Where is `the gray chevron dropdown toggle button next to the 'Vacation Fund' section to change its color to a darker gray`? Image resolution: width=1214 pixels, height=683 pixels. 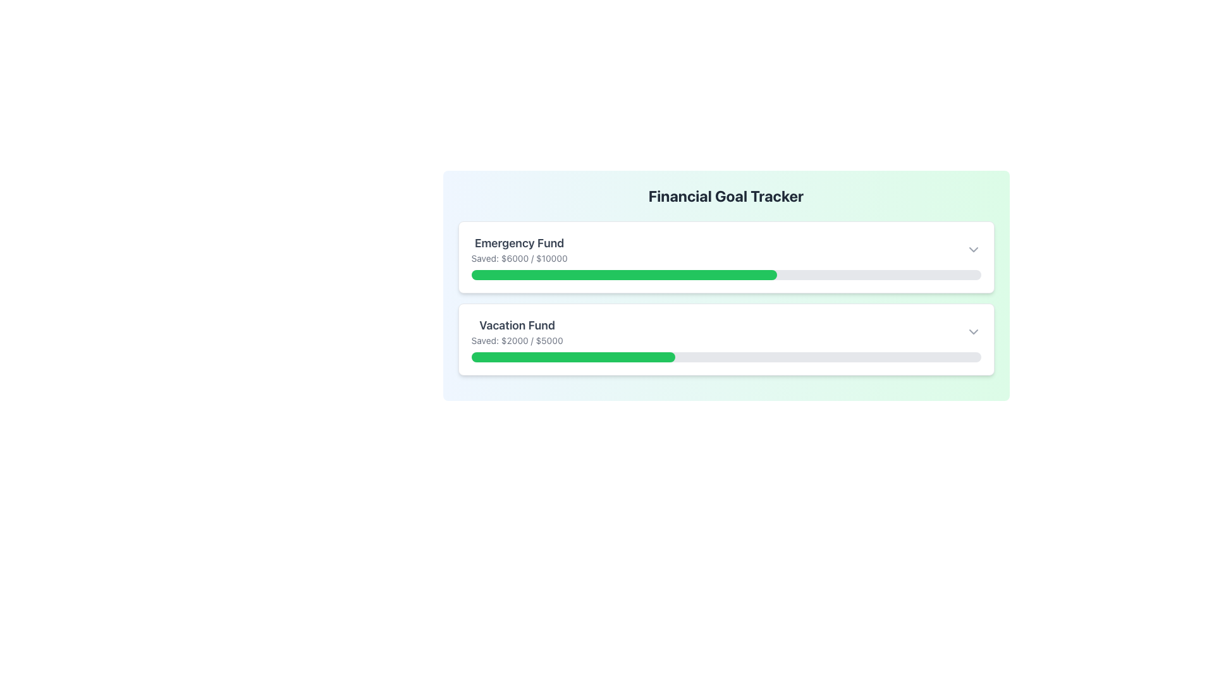
the gray chevron dropdown toggle button next to the 'Vacation Fund' section to change its color to a darker gray is located at coordinates (972, 331).